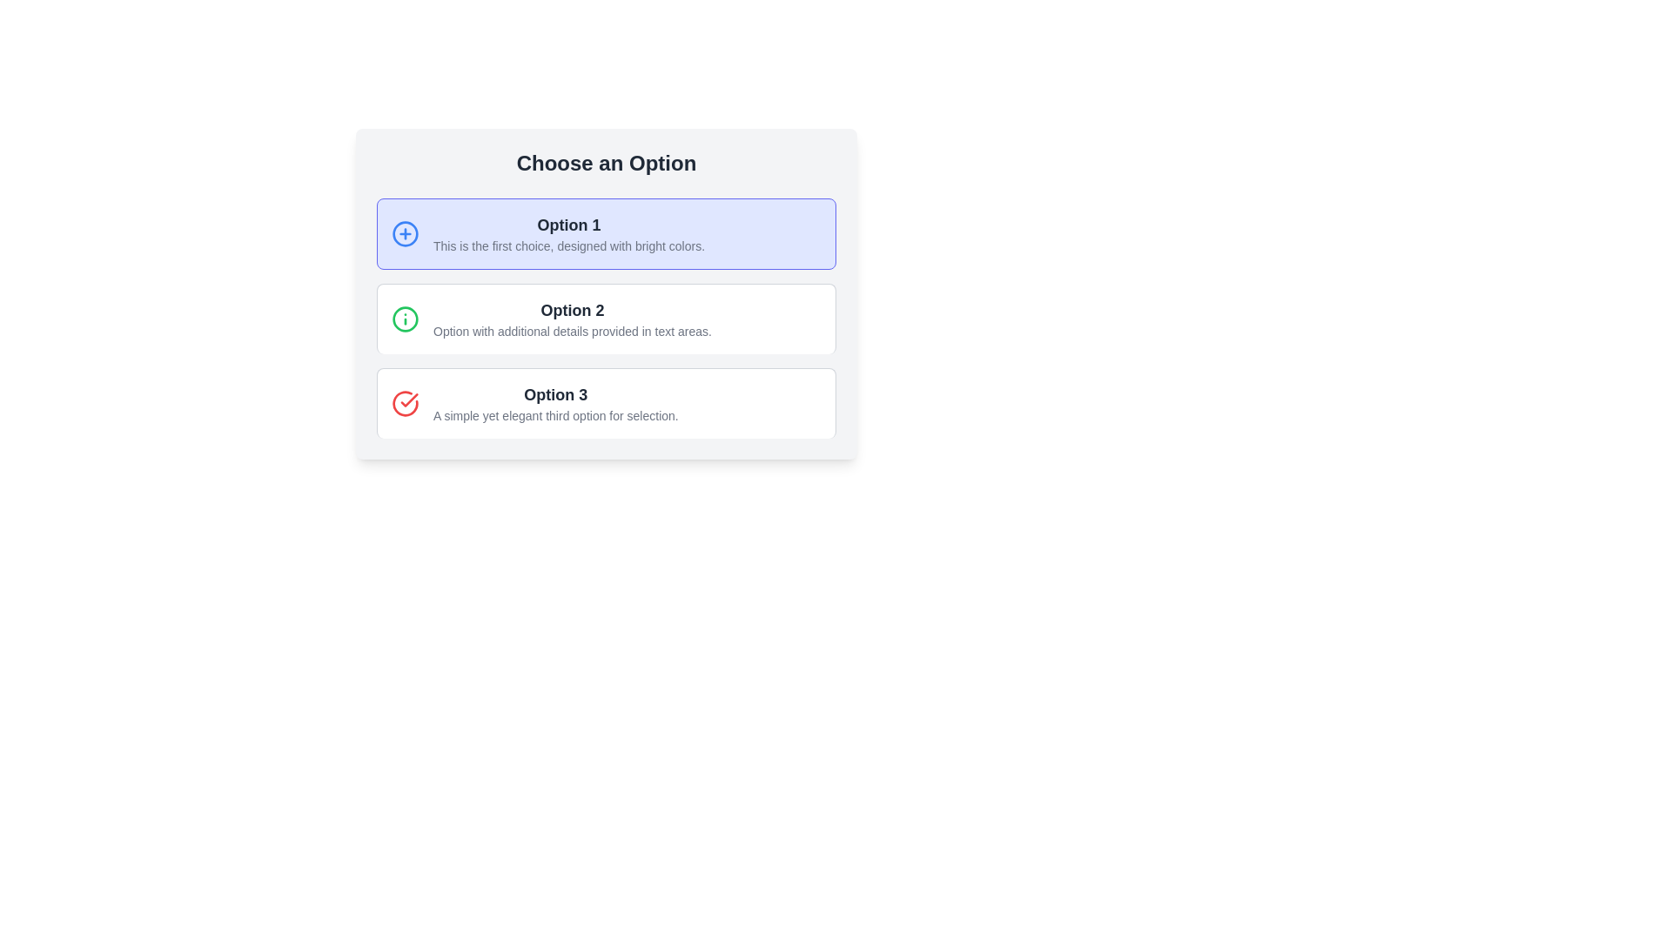 The height and width of the screenshot is (940, 1671). What do you see at coordinates (404, 319) in the screenshot?
I see `outer circular boundary of the SVG element with a green stroke located next to 'Option 2' in the selection list` at bounding box center [404, 319].